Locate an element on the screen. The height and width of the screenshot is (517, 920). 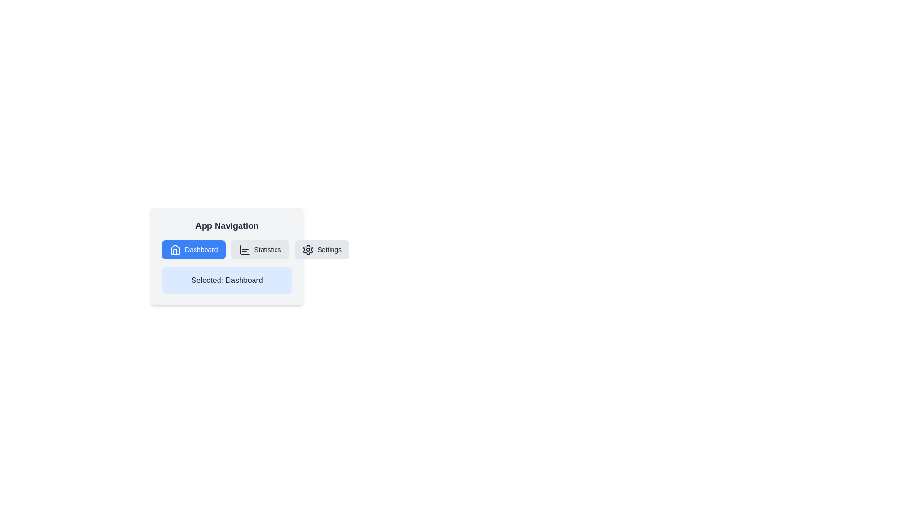
the 'Statistics' text label in the app's navigation bar is located at coordinates (267, 249).